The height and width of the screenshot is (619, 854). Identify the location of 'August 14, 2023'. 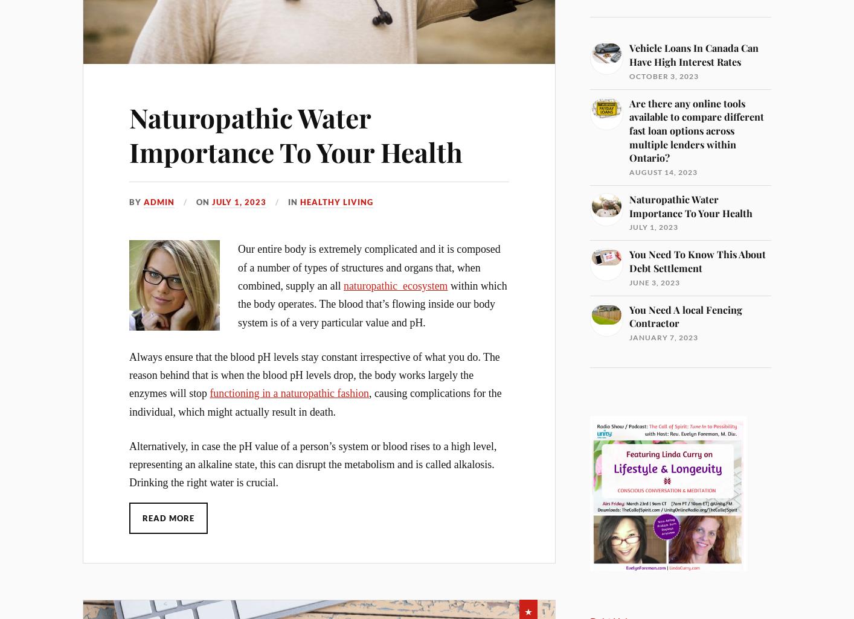
(663, 171).